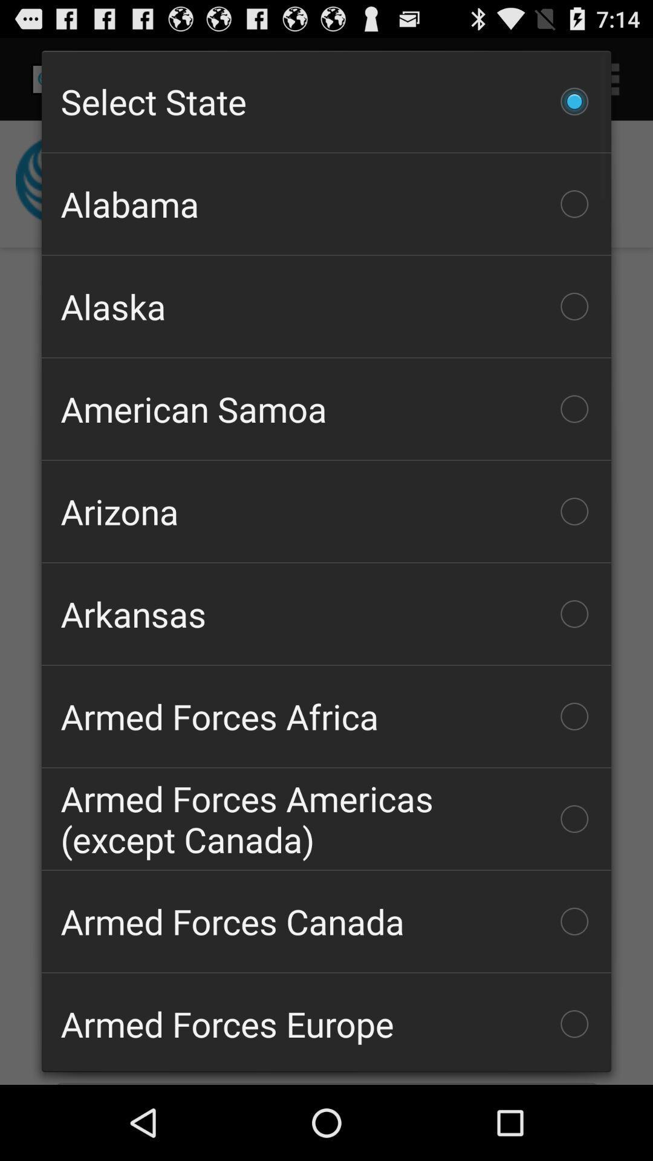  What do you see at coordinates (326, 102) in the screenshot?
I see `the icon above alabama item` at bounding box center [326, 102].